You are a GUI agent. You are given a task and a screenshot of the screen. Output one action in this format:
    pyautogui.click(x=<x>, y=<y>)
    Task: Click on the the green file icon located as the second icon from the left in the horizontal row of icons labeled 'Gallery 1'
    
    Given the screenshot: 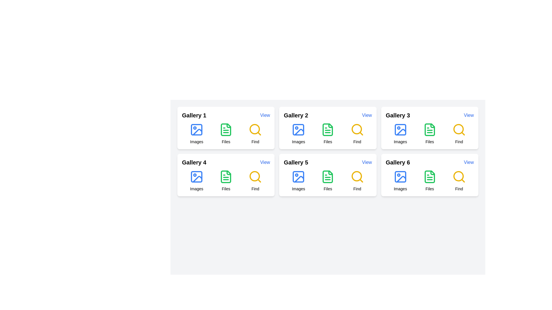 What is the action you would take?
    pyautogui.click(x=226, y=129)
    